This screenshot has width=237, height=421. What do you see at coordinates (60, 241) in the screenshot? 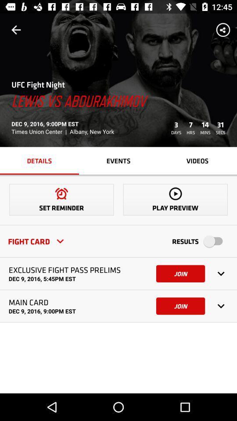
I see `the drop down beside the fight card` at bounding box center [60, 241].